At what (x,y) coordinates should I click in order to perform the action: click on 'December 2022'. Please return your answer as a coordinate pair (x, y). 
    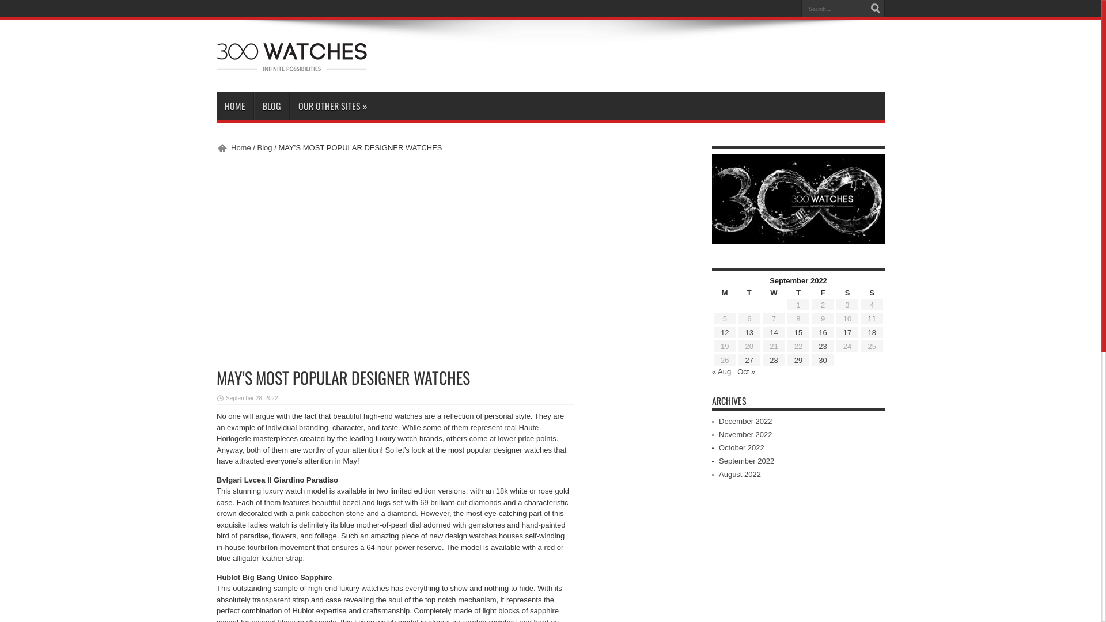
    Looking at the image, I should click on (745, 421).